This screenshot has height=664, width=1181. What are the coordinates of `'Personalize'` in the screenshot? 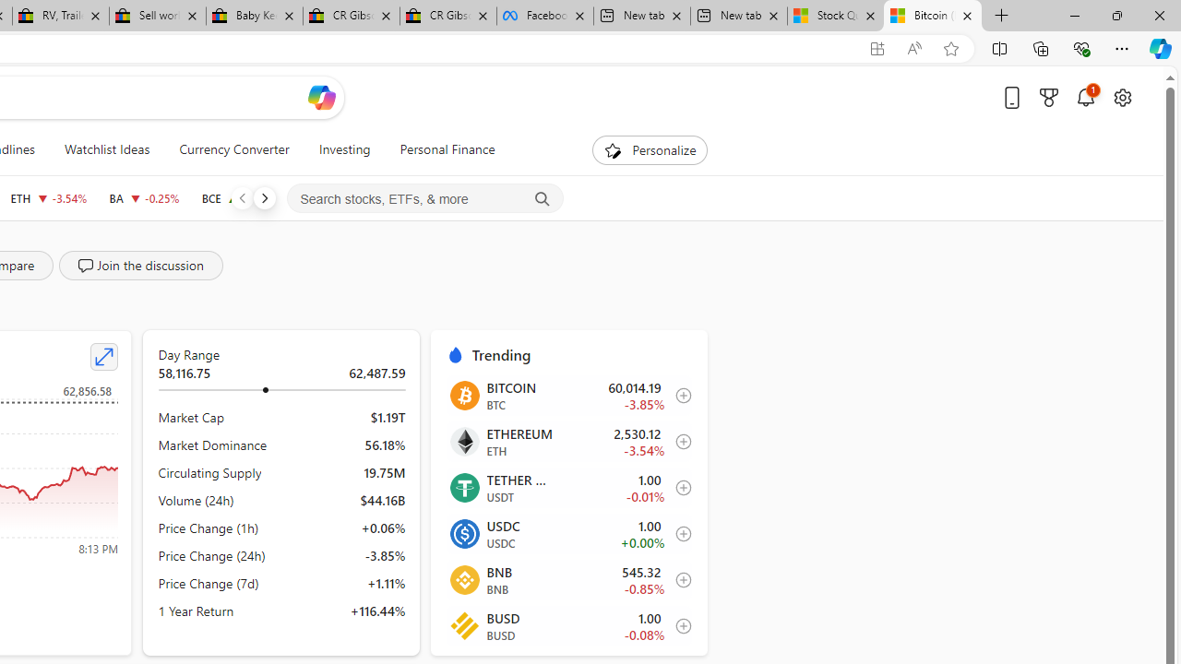 It's located at (650, 149).